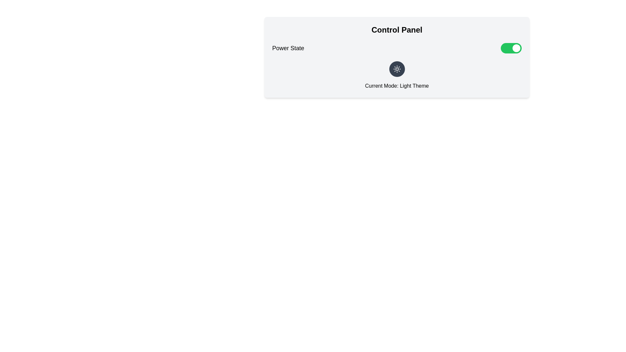 The image size is (626, 352). What do you see at coordinates (396, 85) in the screenshot?
I see `the static text label displaying 'Current Mode: Light Theme', which is positioned directly beneath the sun icon in a light gray panel` at bounding box center [396, 85].